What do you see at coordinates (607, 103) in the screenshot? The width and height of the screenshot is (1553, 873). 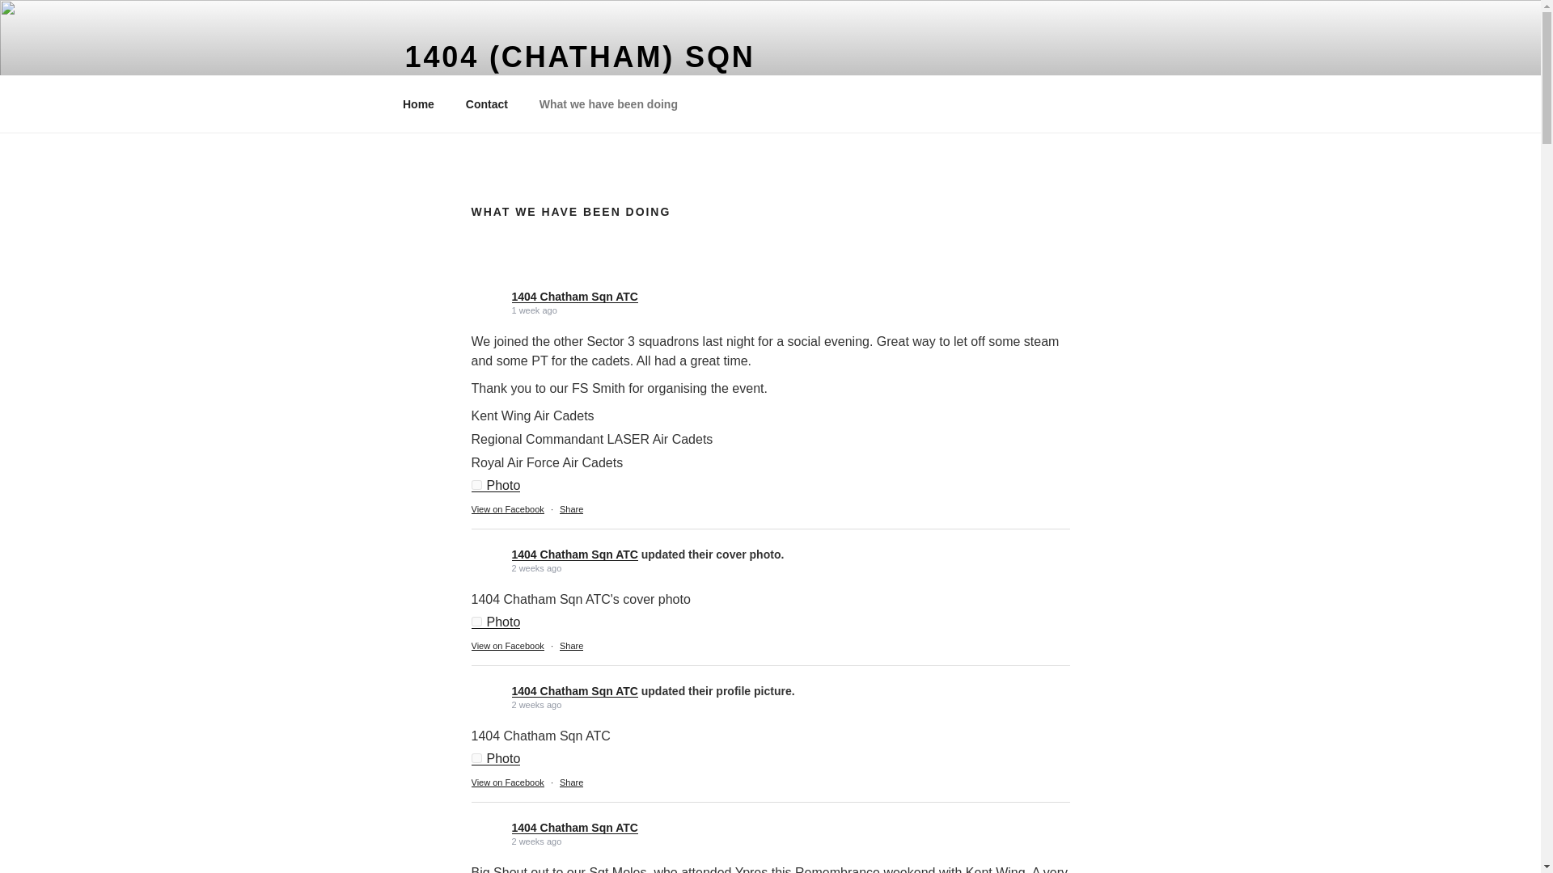 I see `'What we have been doing'` at bounding box center [607, 103].